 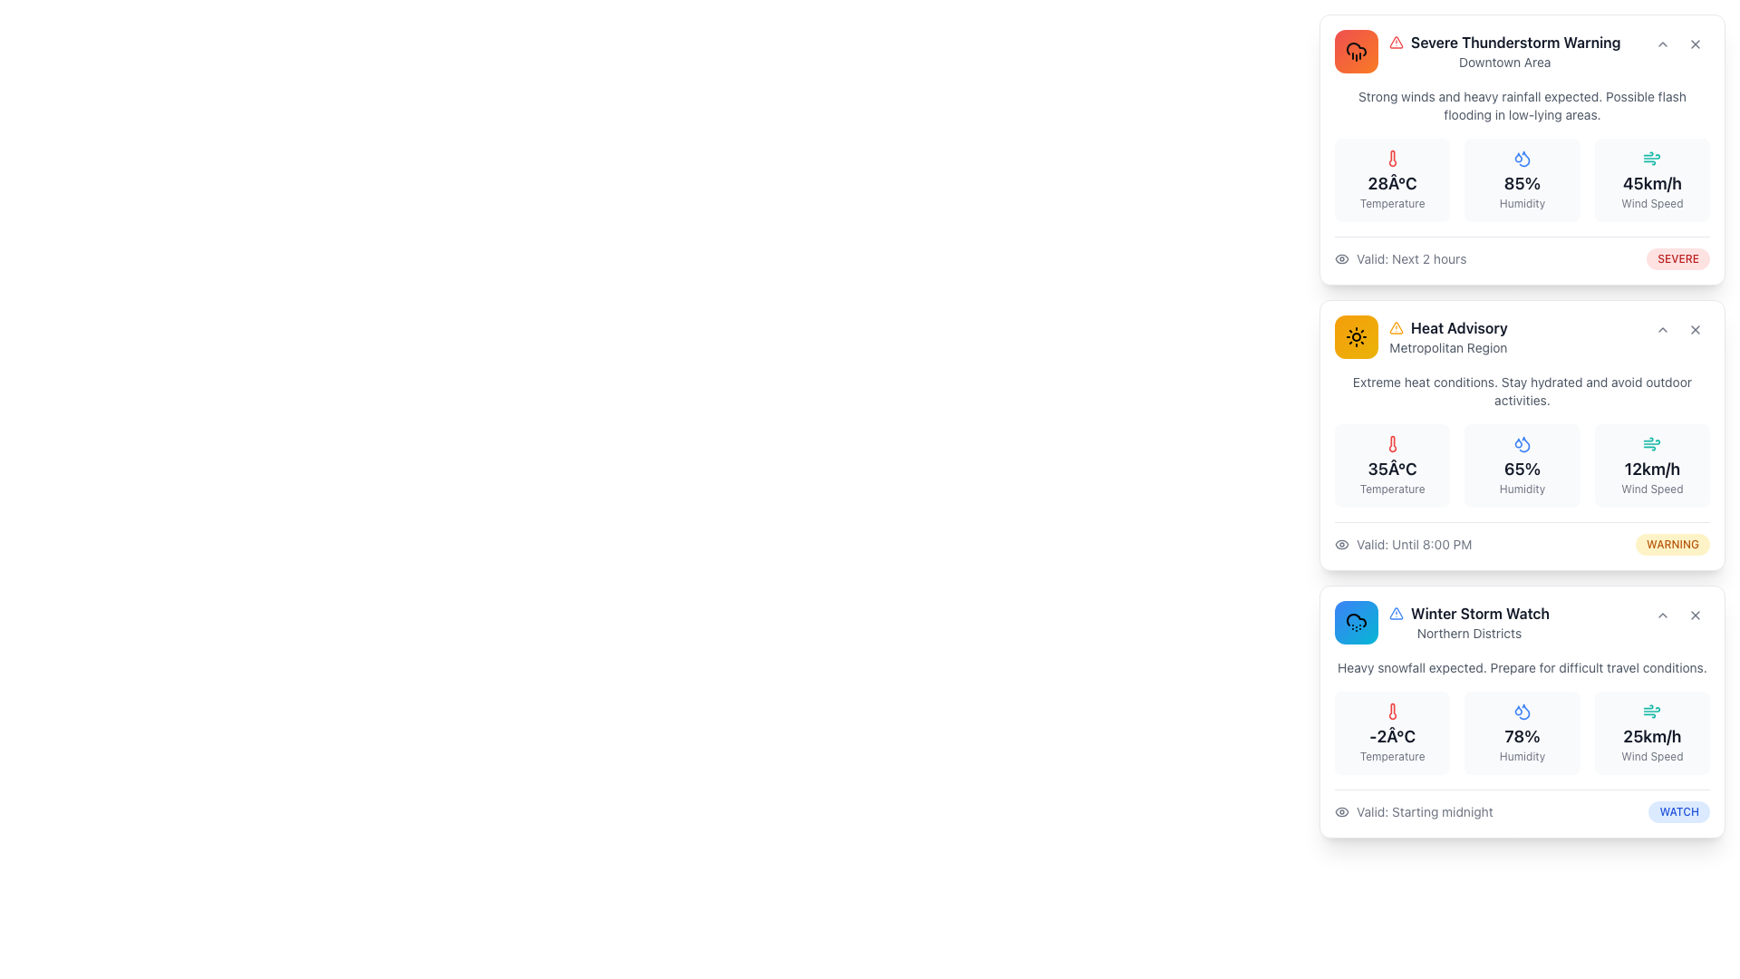 I want to click on the thunderstorm warning icon located at the top left corner of the 'Severe Thunderstorm Warning' section, which visually represents the warning with a symbolized icon and warning colors, so click(x=1357, y=51).